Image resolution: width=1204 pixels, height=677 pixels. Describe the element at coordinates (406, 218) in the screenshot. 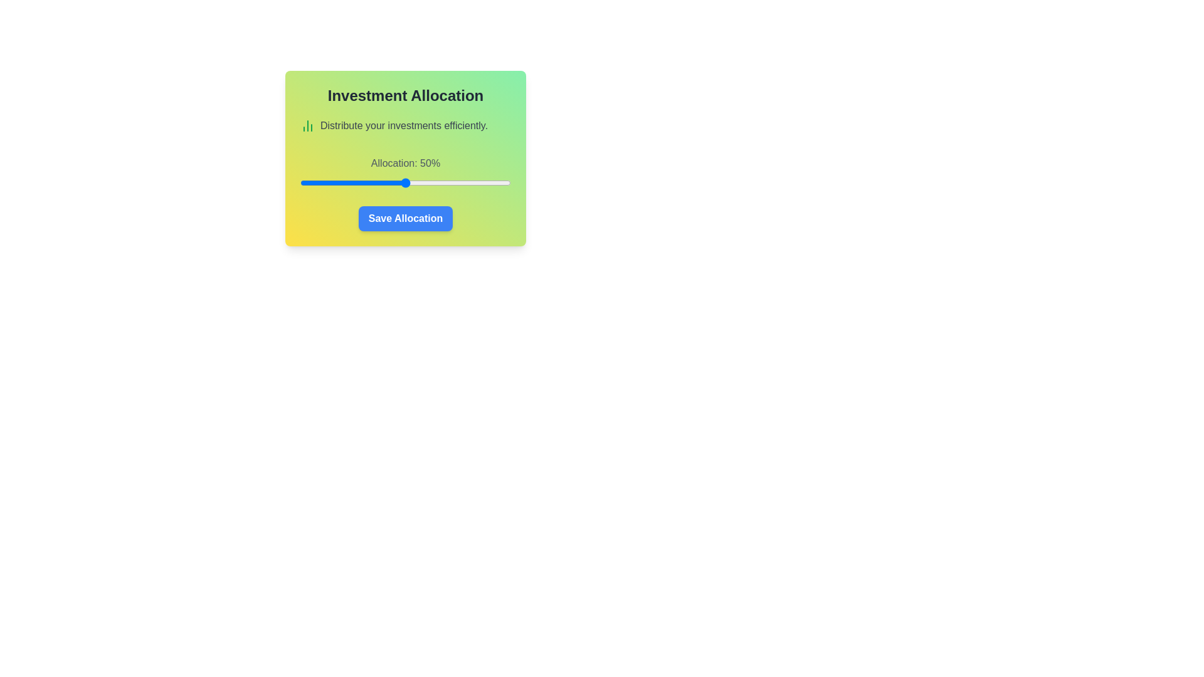

I see `the 'Save Allocation' button to confirm the allocation` at that location.